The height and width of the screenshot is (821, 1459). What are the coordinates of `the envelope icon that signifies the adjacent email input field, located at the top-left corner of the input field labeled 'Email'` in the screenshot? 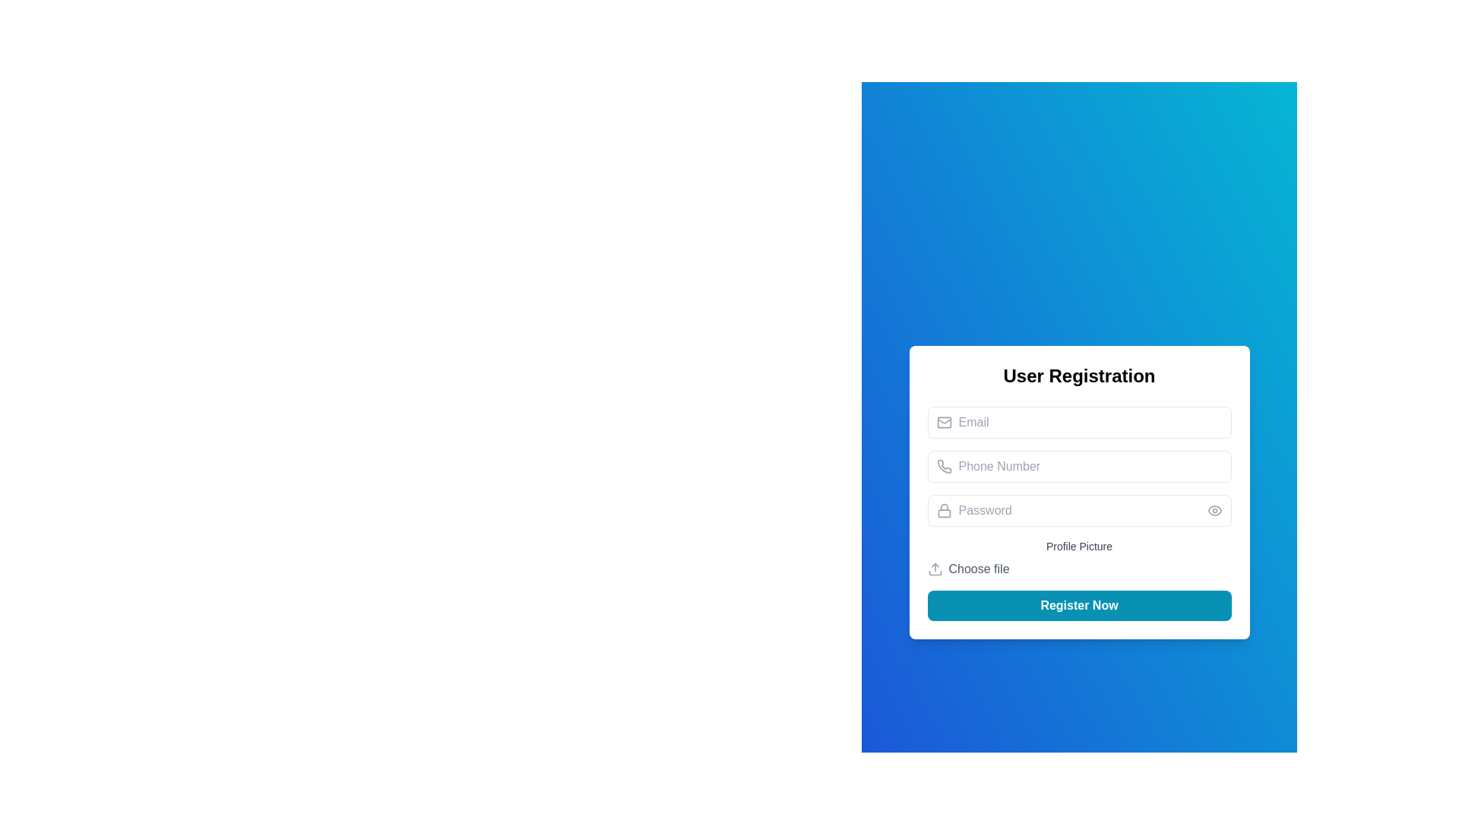 It's located at (943, 422).